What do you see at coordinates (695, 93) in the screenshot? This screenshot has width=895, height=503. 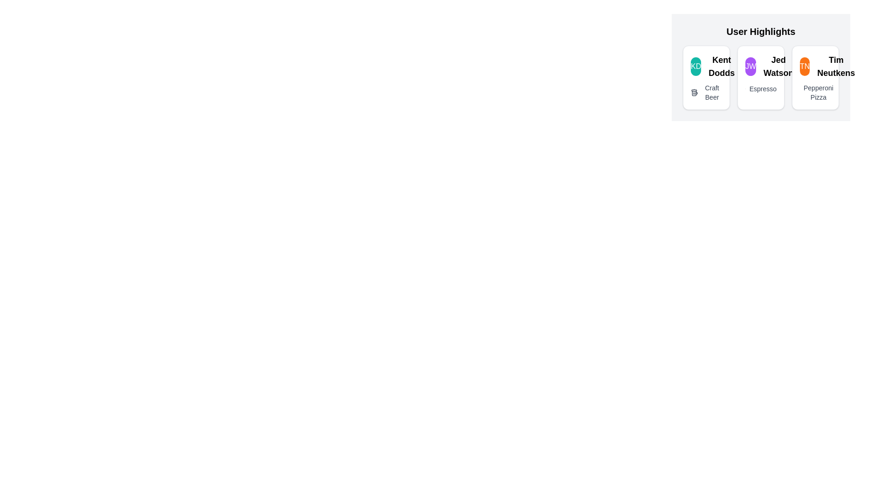 I see `the small beer mug icon with foam on top, located next to the 'Craft Beer' text label` at bounding box center [695, 93].